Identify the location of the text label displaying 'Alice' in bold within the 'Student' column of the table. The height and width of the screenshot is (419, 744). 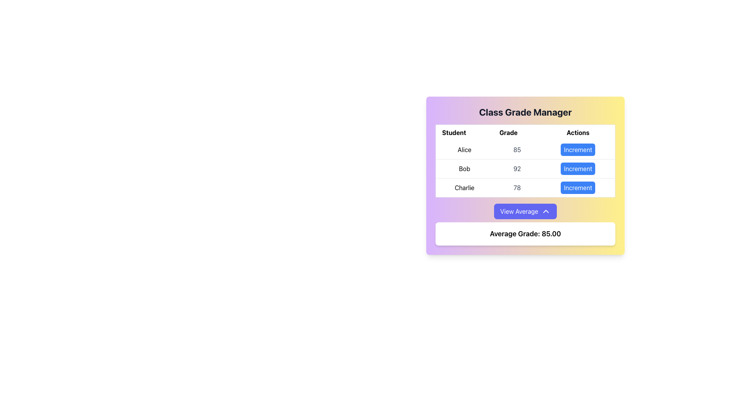
(464, 150).